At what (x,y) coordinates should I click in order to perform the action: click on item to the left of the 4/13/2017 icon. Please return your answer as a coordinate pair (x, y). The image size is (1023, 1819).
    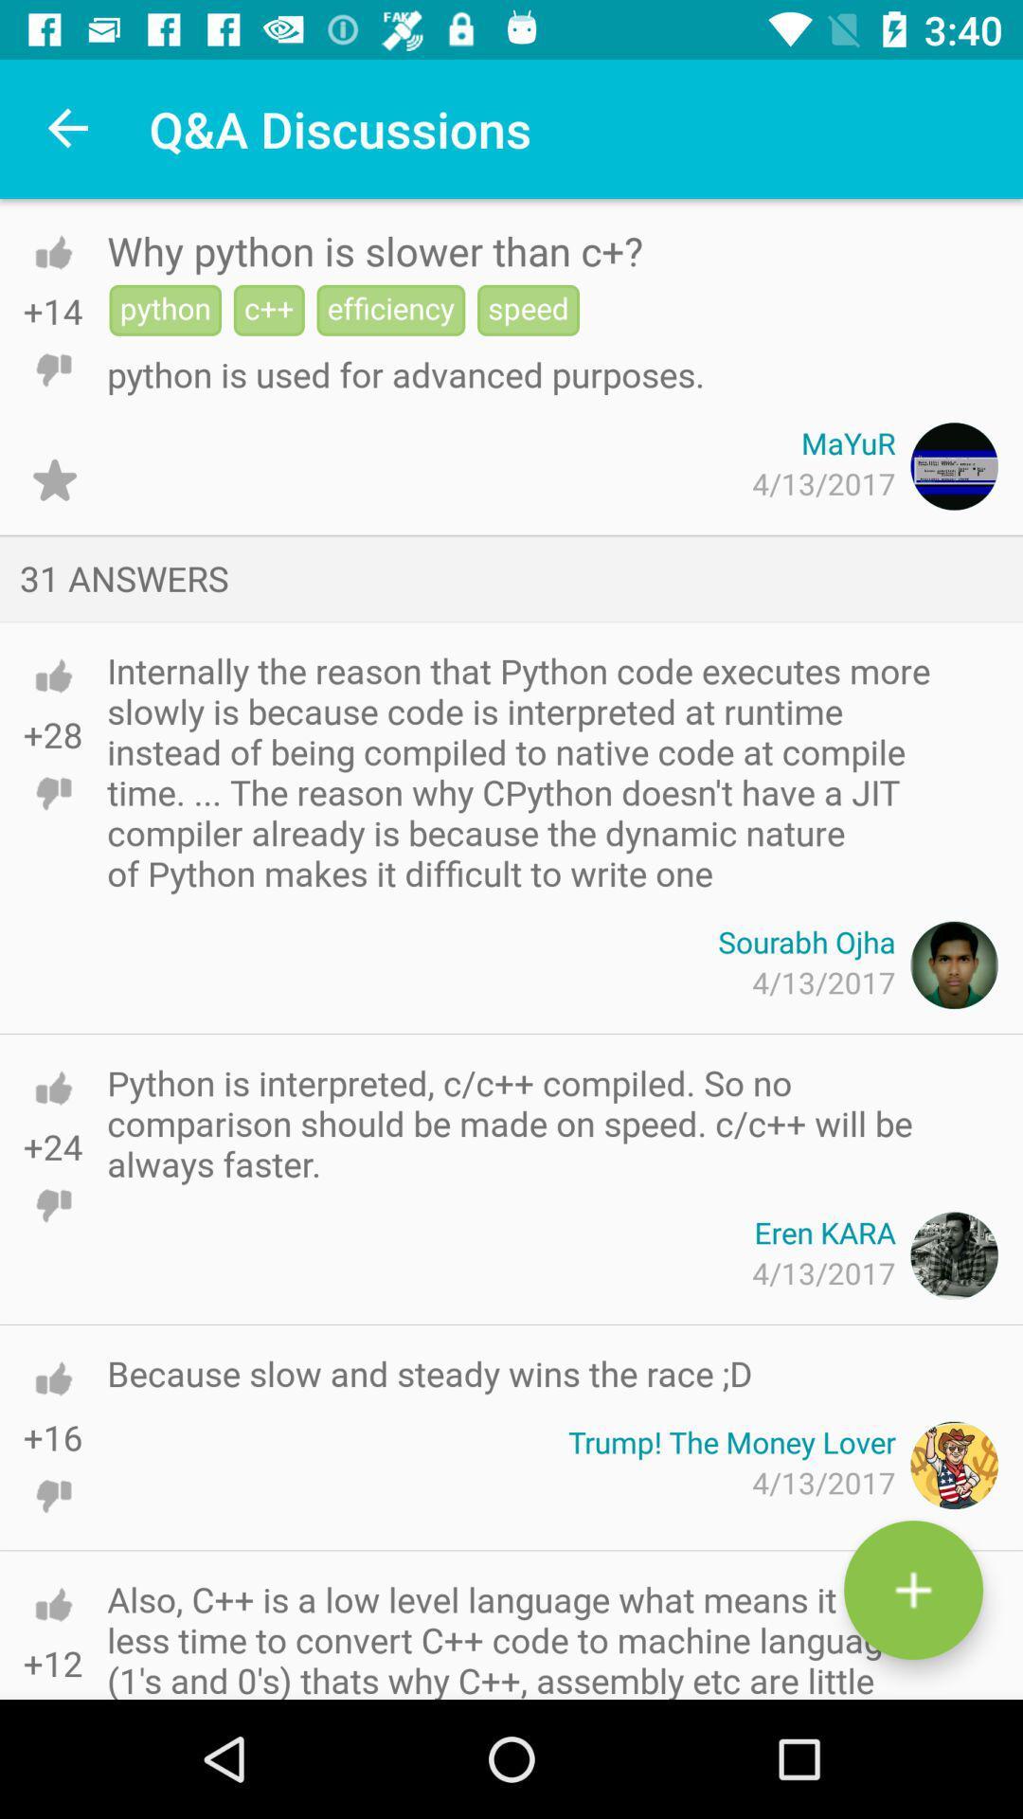
    Looking at the image, I should click on (53, 480).